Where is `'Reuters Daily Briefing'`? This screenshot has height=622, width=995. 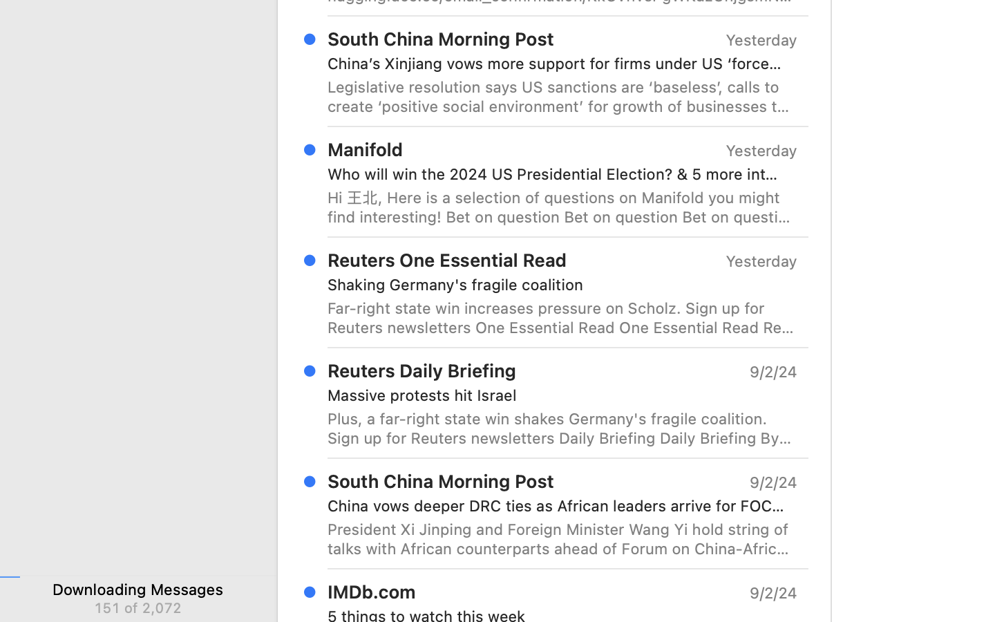 'Reuters Daily Briefing' is located at coordinates (421, 370).